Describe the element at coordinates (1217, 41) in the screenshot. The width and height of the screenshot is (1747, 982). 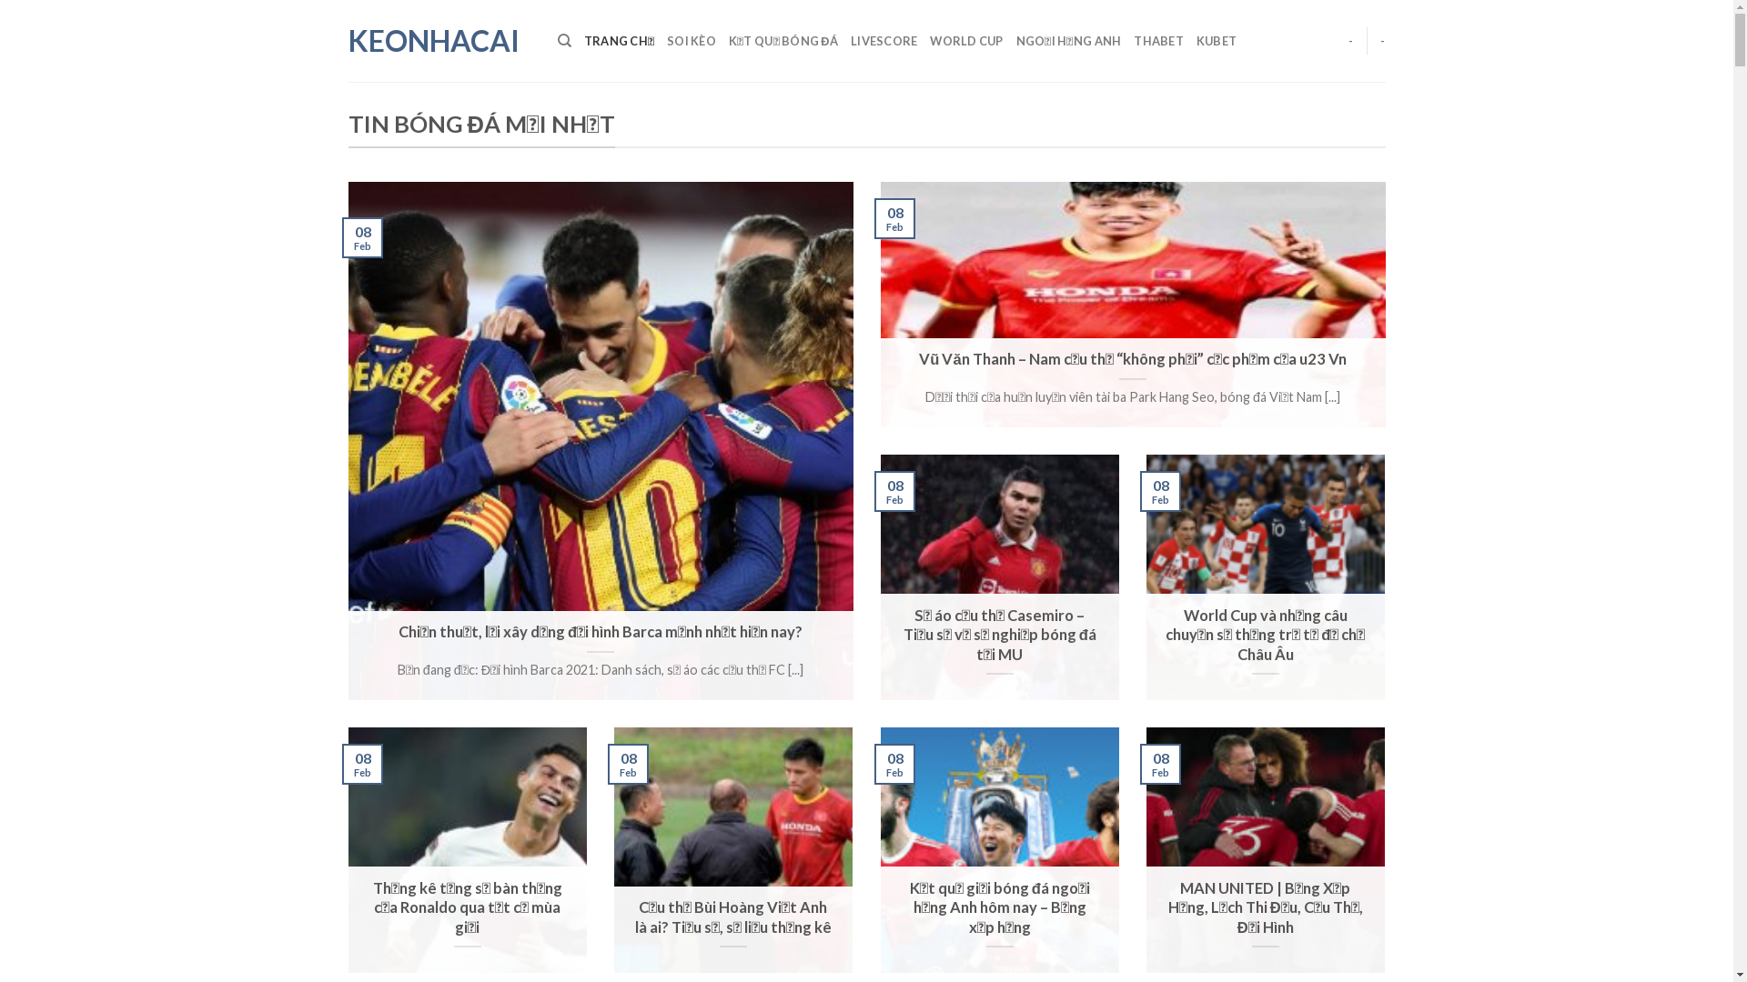
I see `'KUBET'` at that location.